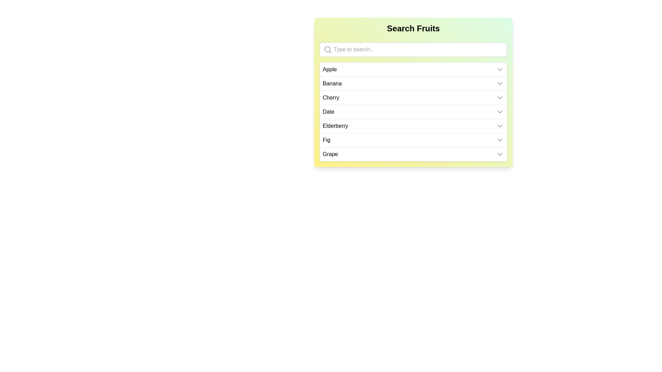 The width and height of the screenshot is (662, 372). I want to click on the dropdown arrow of the List with Search Bar located at the center of the interface, so click(413, 92).